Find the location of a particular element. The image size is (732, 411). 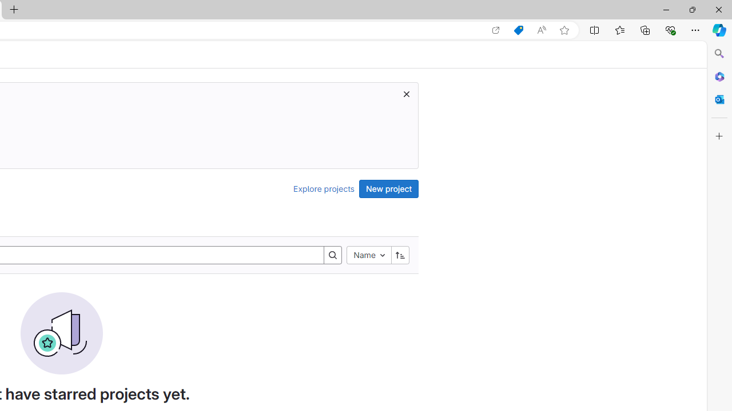

'Name' is located at coordinates (369, 254).